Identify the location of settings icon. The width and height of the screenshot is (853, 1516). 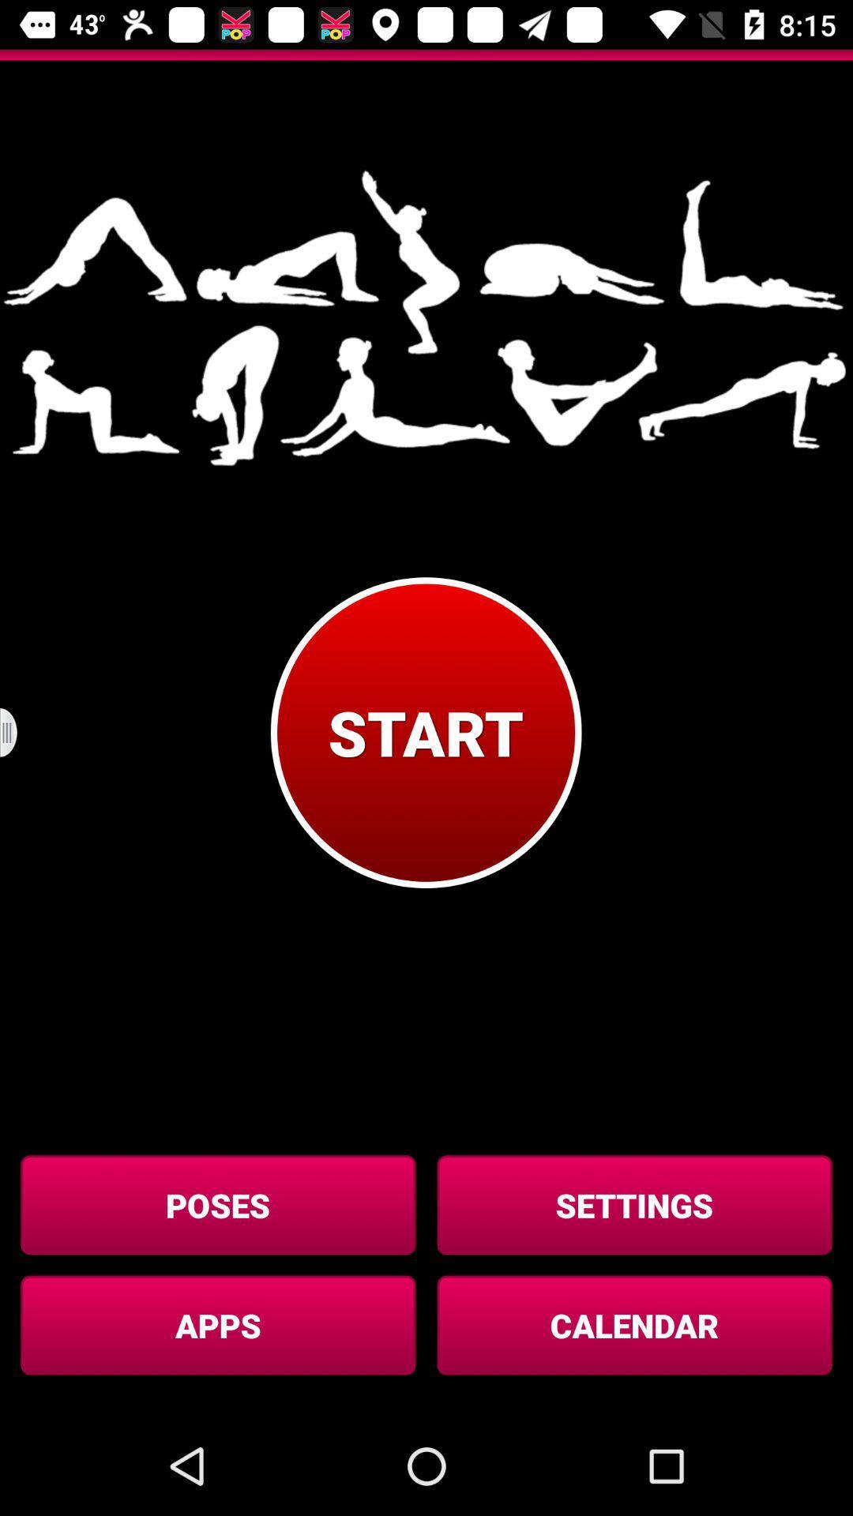
(633, 1204).